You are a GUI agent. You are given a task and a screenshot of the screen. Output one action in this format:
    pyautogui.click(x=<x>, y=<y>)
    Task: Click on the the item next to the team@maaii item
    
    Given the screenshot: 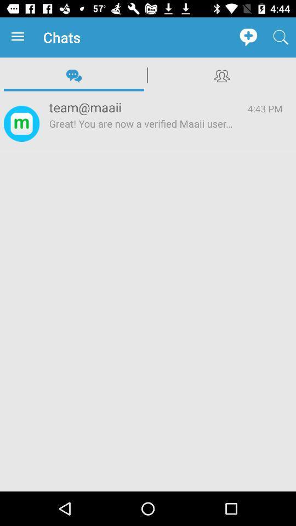 What is the action you would take?
    pyautogui.click(x=21, y=123)
    